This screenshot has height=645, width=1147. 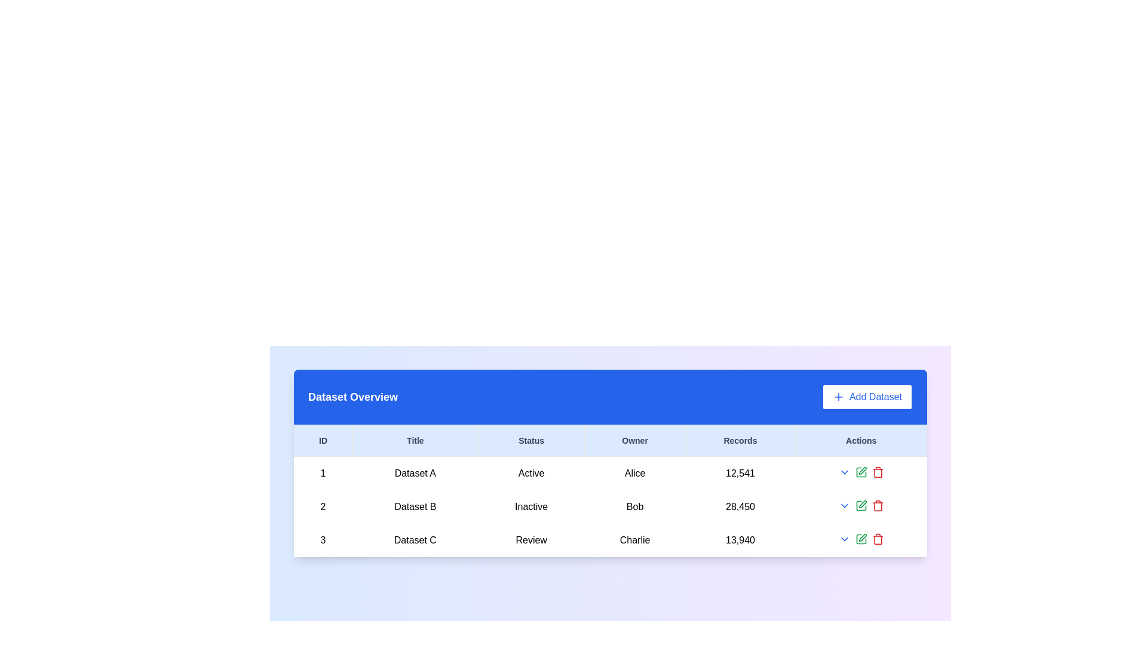 What do you see at coordinates (861, 440) in the screenshot?
I see `the 'Actions' label, which is a horizontal bar with a light blue background and dark, bold text, located in the top right section of the header bar` at bounding box center [861, 440].